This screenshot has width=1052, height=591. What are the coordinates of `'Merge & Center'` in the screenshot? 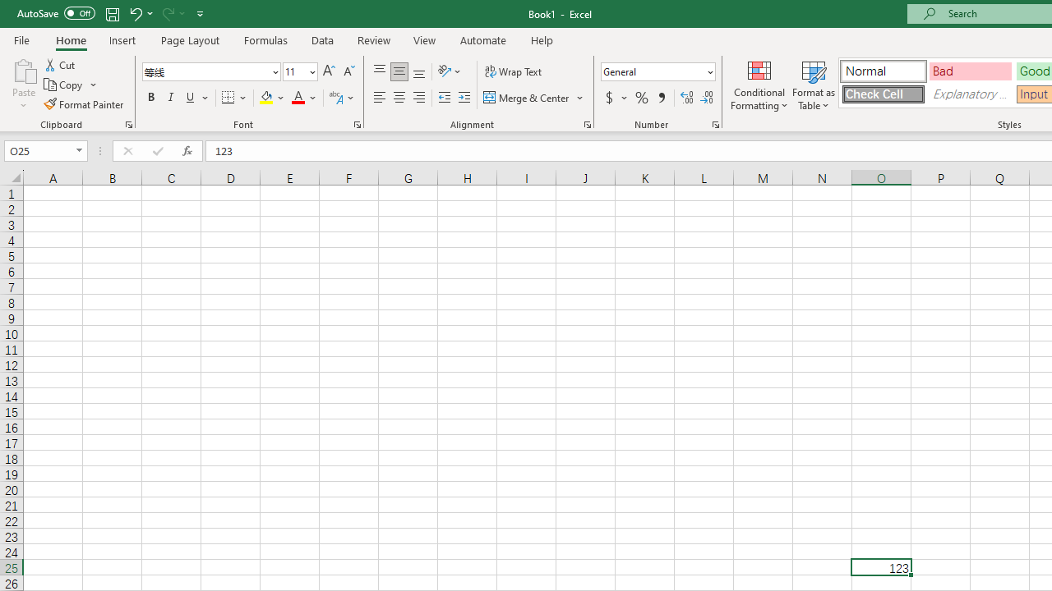 It's located at (534, 98).